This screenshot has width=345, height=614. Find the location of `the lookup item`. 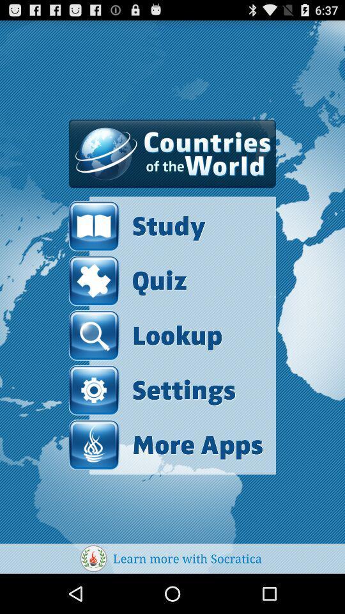

the lookup item is located at coordinates (144, 335).